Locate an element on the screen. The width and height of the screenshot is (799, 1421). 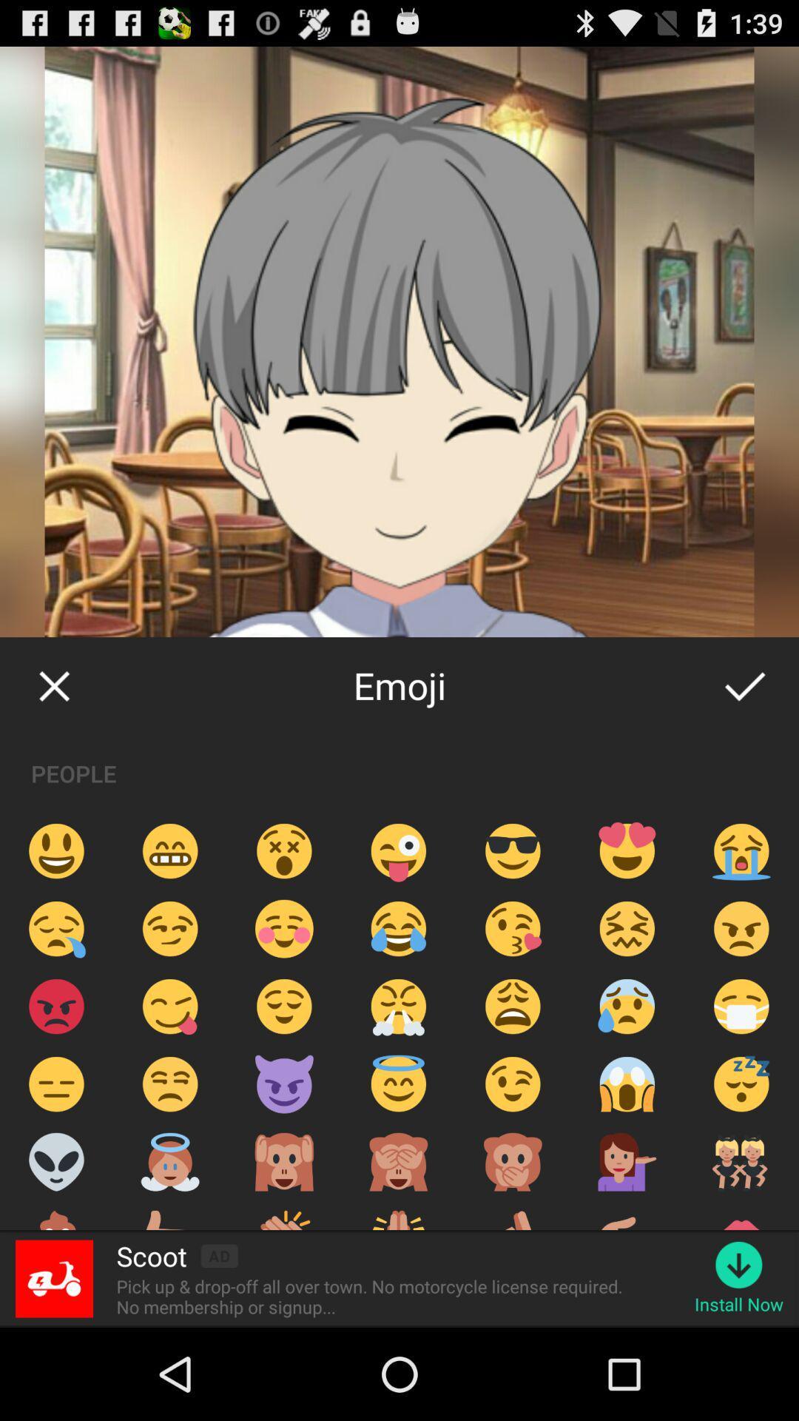
the check icon is located at coordinates (744, 733).